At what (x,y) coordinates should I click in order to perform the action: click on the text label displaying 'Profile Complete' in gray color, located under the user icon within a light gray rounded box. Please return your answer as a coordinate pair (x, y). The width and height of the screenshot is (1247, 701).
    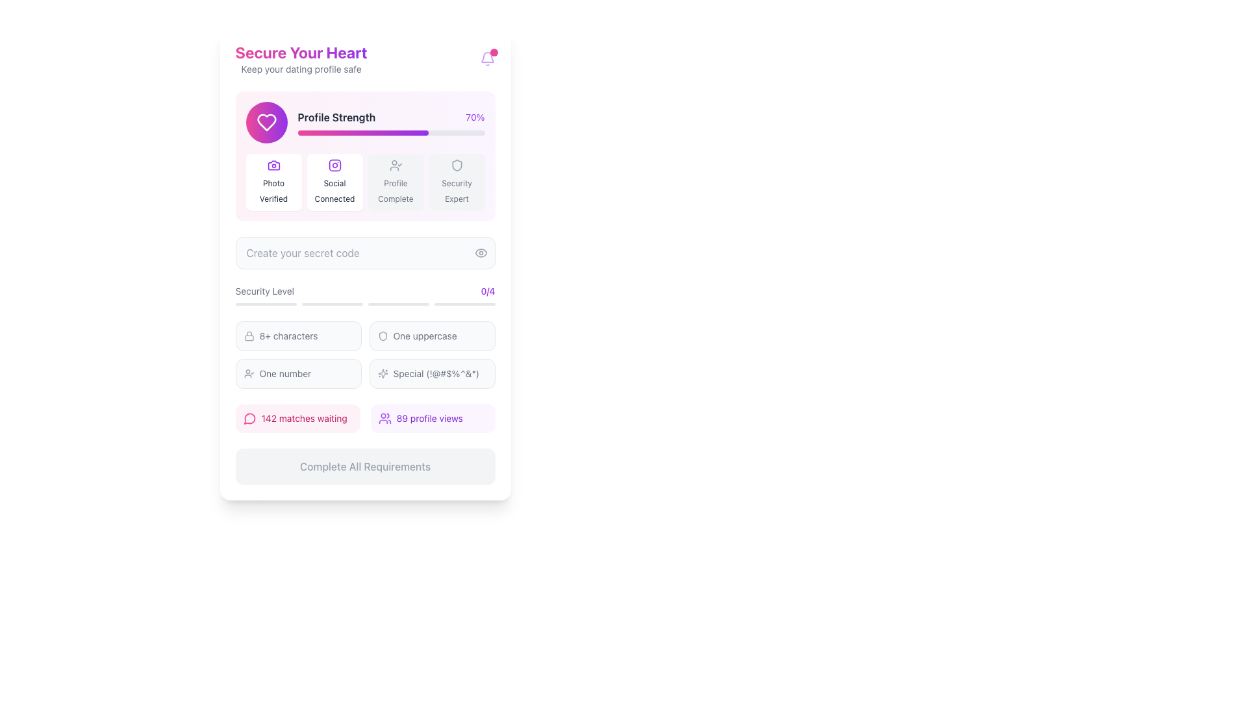
    Looking at the image, I should click on (395, 191).